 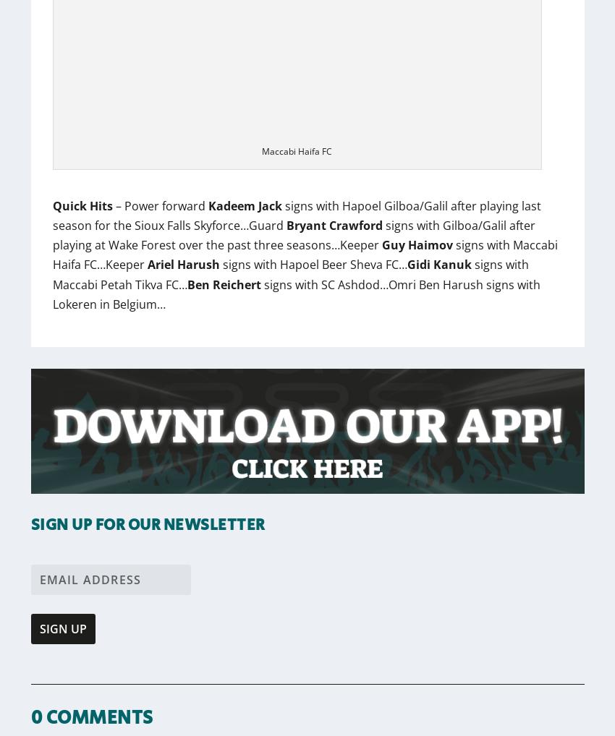 I want to click on 'signs with Hapoel Beer Sheva FC…', so click(x=312, y=264).